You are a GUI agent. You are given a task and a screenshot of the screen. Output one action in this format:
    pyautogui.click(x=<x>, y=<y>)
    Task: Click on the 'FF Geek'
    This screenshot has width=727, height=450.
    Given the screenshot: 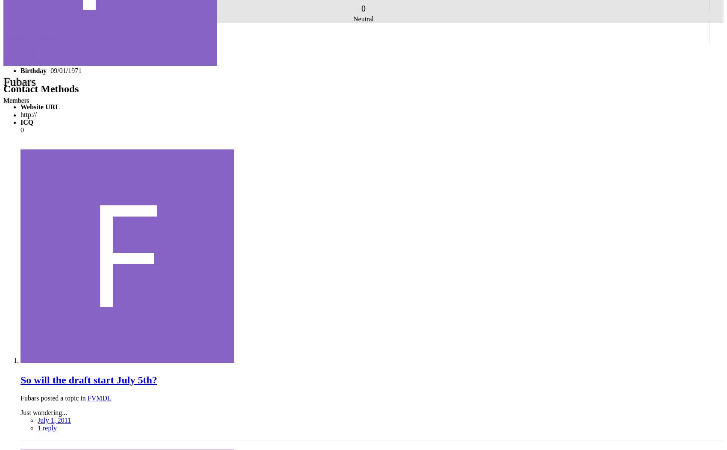 What is the action you would take?
    pyautogui.click(x=32, y=63)
    